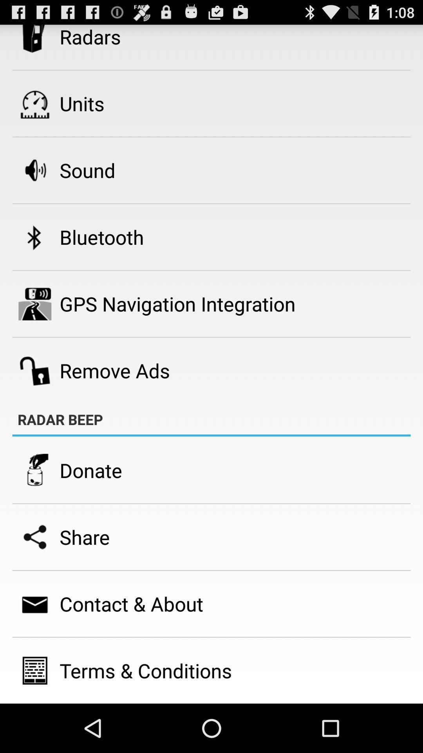 The image size is (423, 753). I want to click on gps navigation integration icon, so click(177, 303).